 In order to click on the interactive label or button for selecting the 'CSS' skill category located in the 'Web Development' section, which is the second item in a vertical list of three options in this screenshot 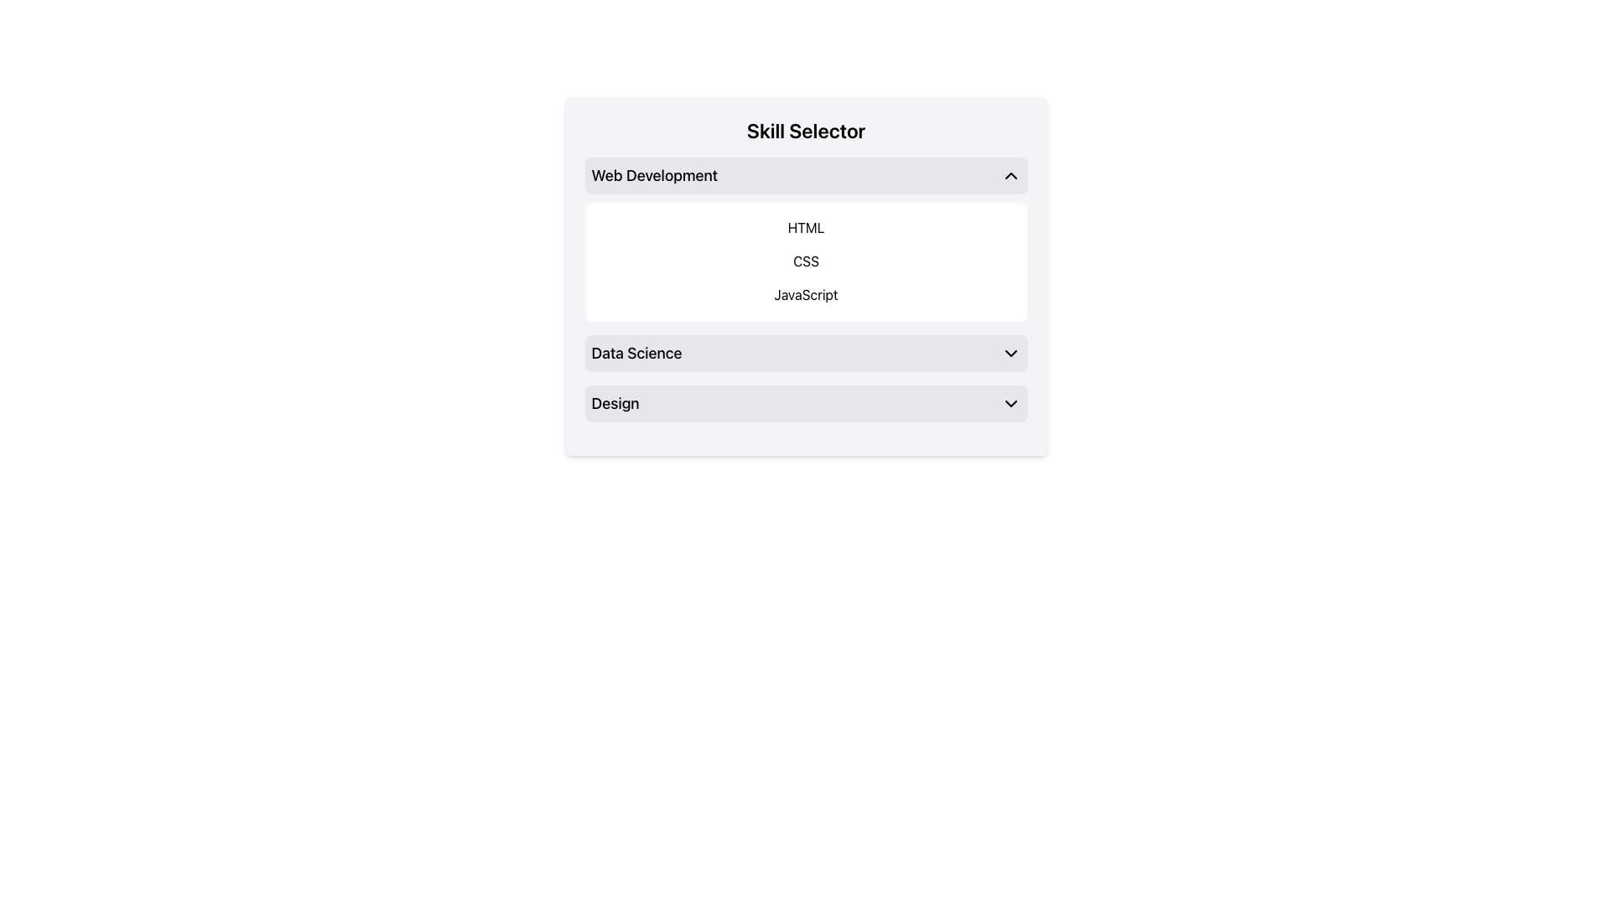, I will do `click(806, 261)`.